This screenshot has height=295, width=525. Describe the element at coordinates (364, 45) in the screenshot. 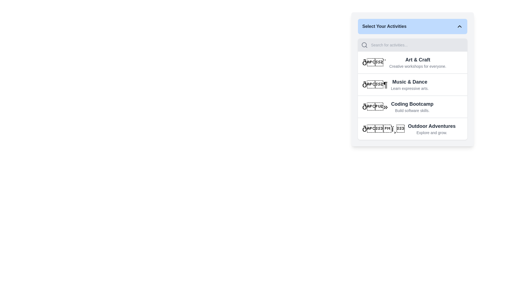

I see `the search icon located at the left edge of the search bar below the 'Select Your Activities' header` at that location.